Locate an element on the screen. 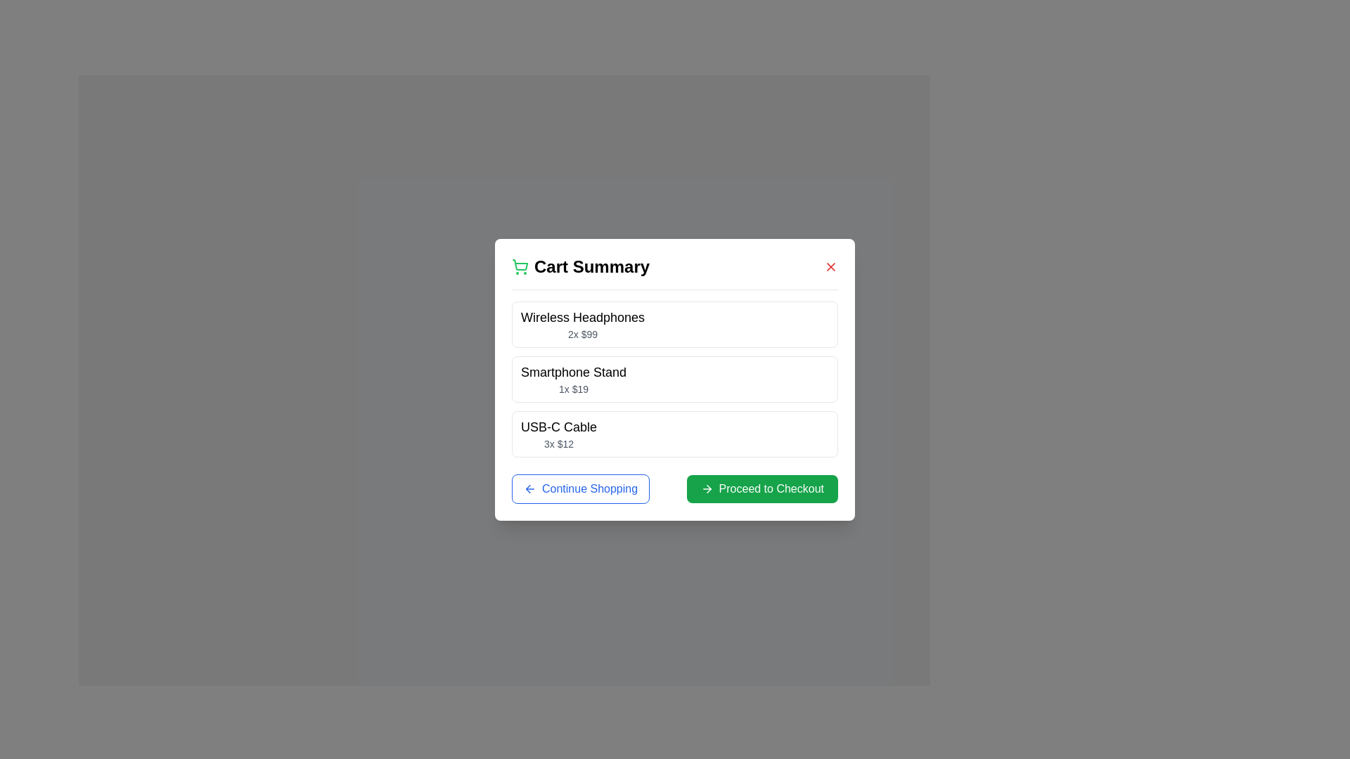 The height and width of the screenshot is (759, 1350). the close button in the top-right corner of the 'Cart Summary' section is located at coordinates (830, 266).